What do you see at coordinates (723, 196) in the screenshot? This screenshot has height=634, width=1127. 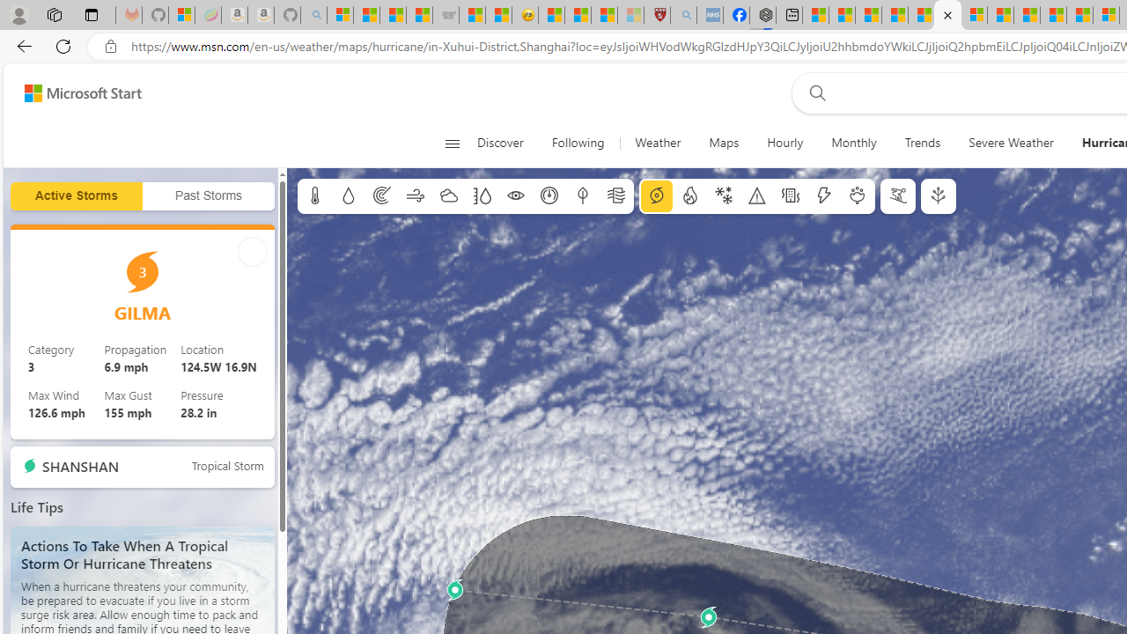 I see `'Winter weather'` at bounding box center [723, 196].